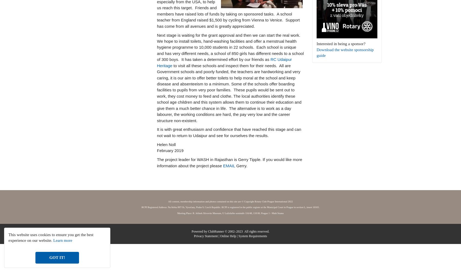  I want to click on 'Online Help', so click(220, 236).